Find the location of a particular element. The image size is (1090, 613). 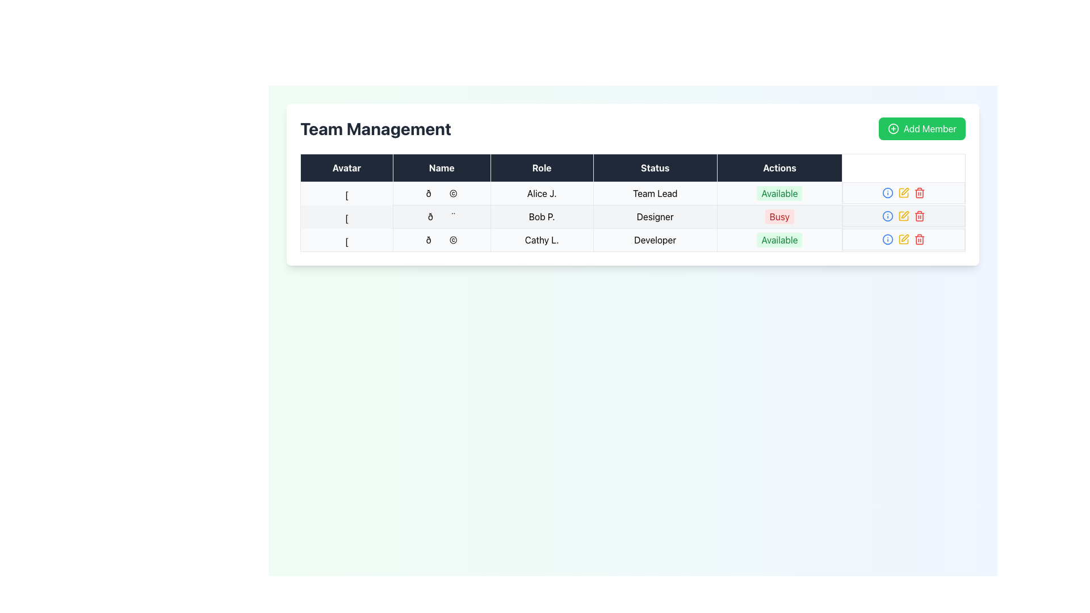

the 'Avatar' column header cell, which is the first cell in the header row of the table, aligned with headers like 'Name', 'Role', 'Status', and 'Actions' is located at coordinates (346, 168).